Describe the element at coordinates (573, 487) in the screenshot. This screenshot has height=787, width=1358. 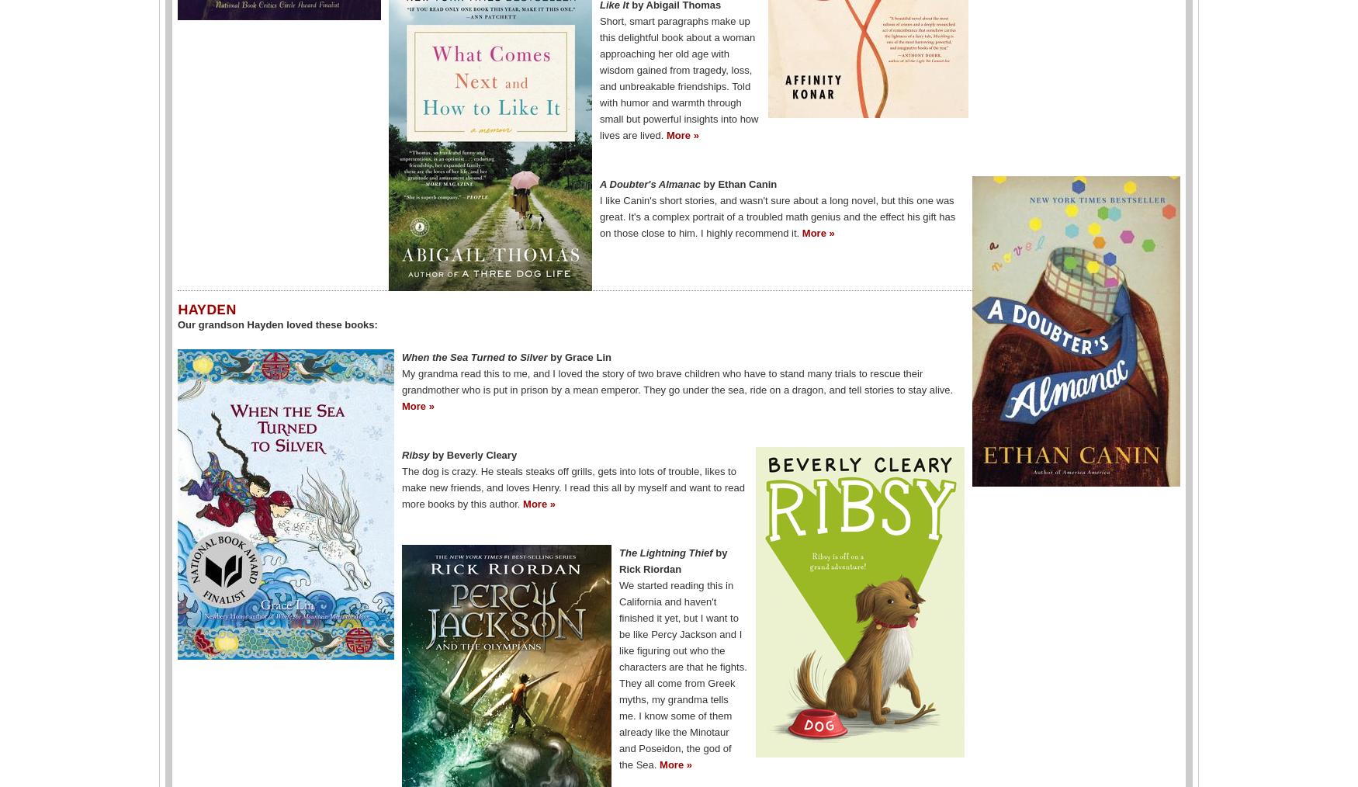
I see `'The dog is crazy. He steals steaks off grills, gets into lots of trouble, likes to make new friends, and loves Henry. I read this all by myself and want to read more books by this author.'` at that location.